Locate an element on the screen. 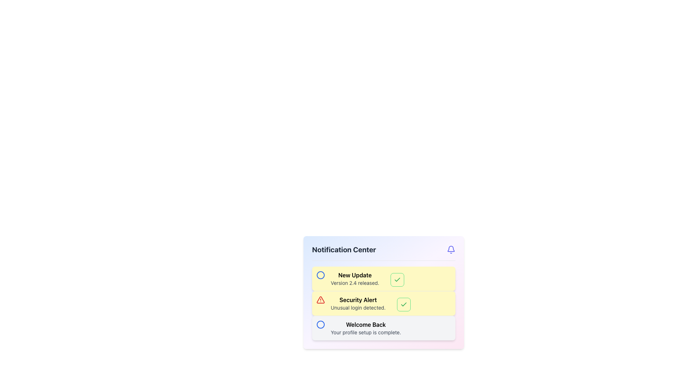 This screenshot has height=387, width=688. the verification icon located to the right of the 'New Update' notification in the 'Notification Center' is located at coordinates (404, 304).